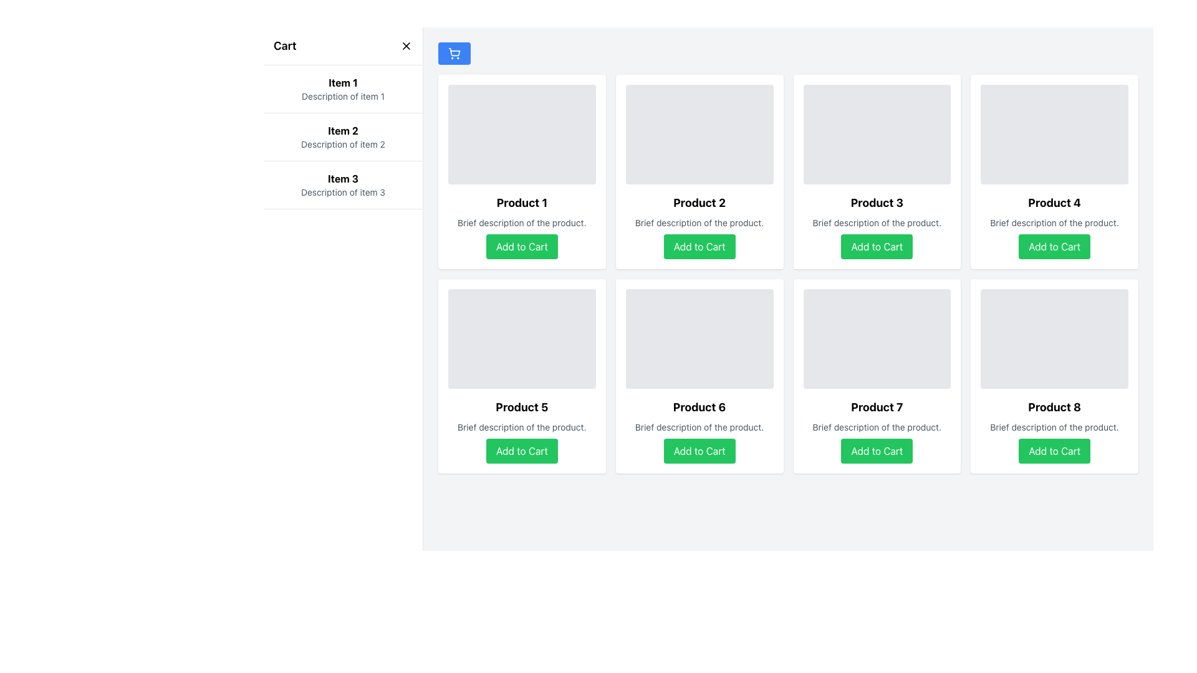  Describe the element at coordinates (699, 408) in the screenshot. I see `product's name displayed as a bold black text label saying 'Product 6', located below the placeholder image and above the description text` at that location.